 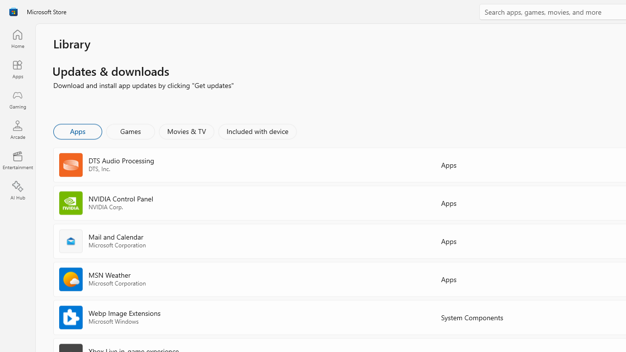 I want to click on 'Movies & TV', so click(x=186, y=131).